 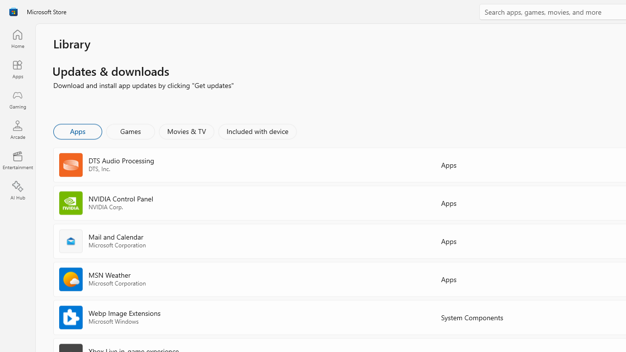 I want to click on 'Movies & TV', so click(x=186, y=131).